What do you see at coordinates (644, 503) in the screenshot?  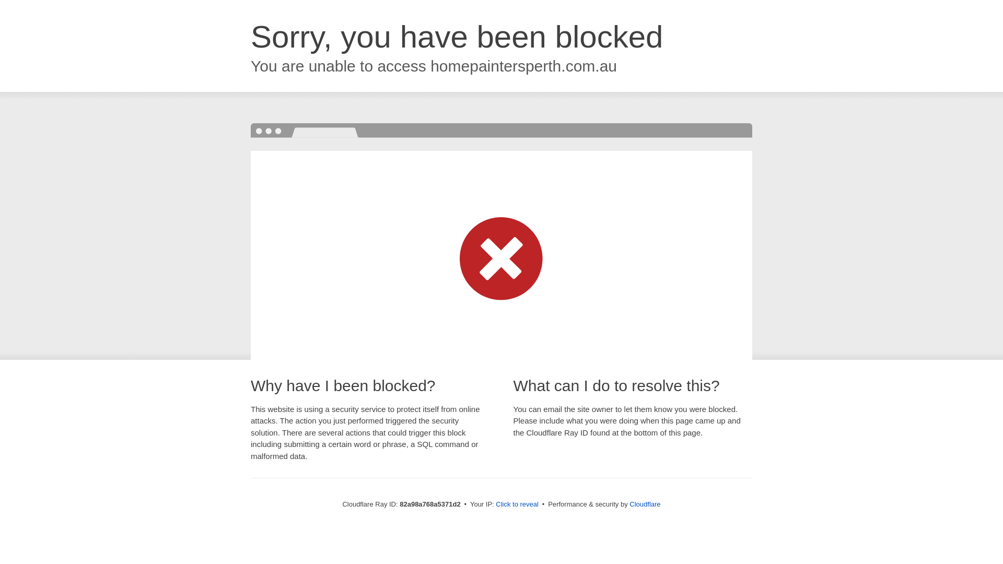 I see `'Cloudflare'` at bounding box center [644, 503].